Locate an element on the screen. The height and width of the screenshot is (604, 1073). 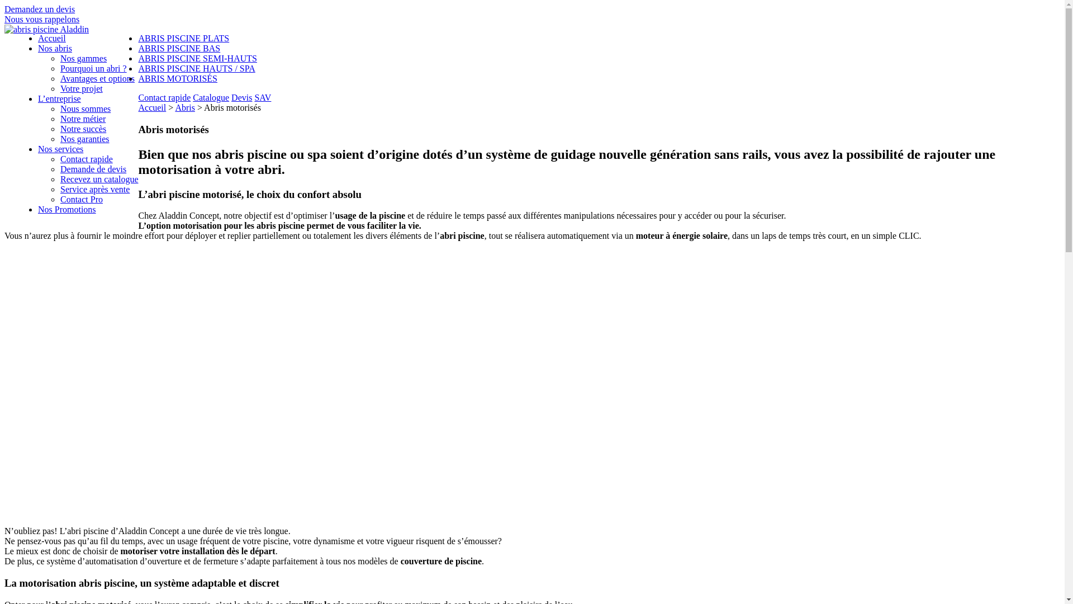
'ABRIS PISCINE SEMI-HAUTS' is located at coordinates (137, 58).